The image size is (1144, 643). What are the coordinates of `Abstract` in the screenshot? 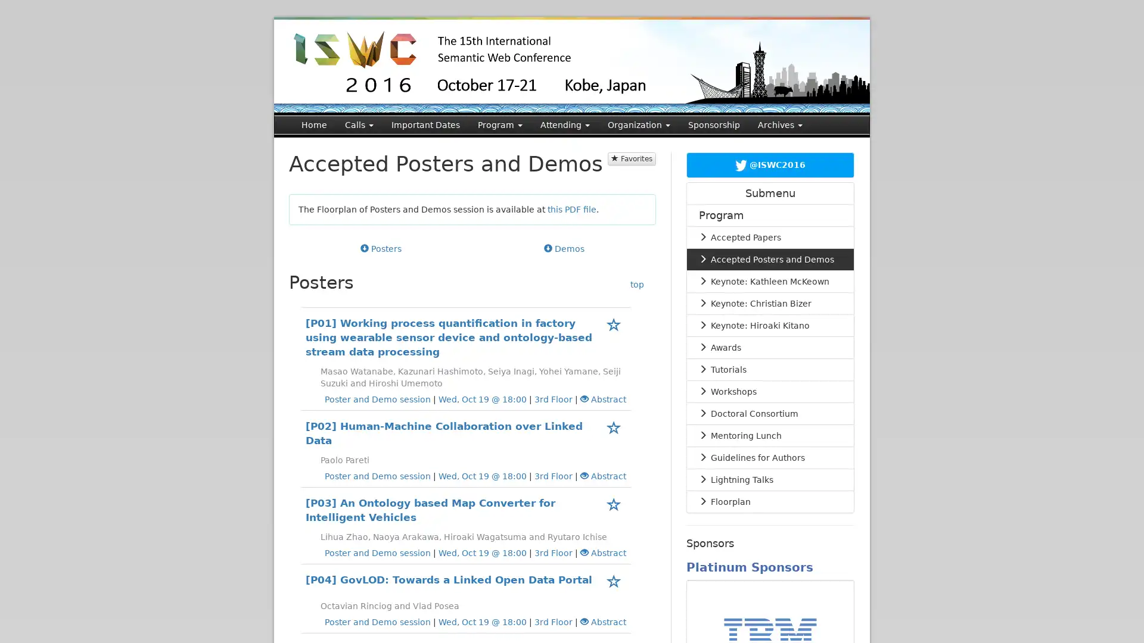 It's located at (603, 399).